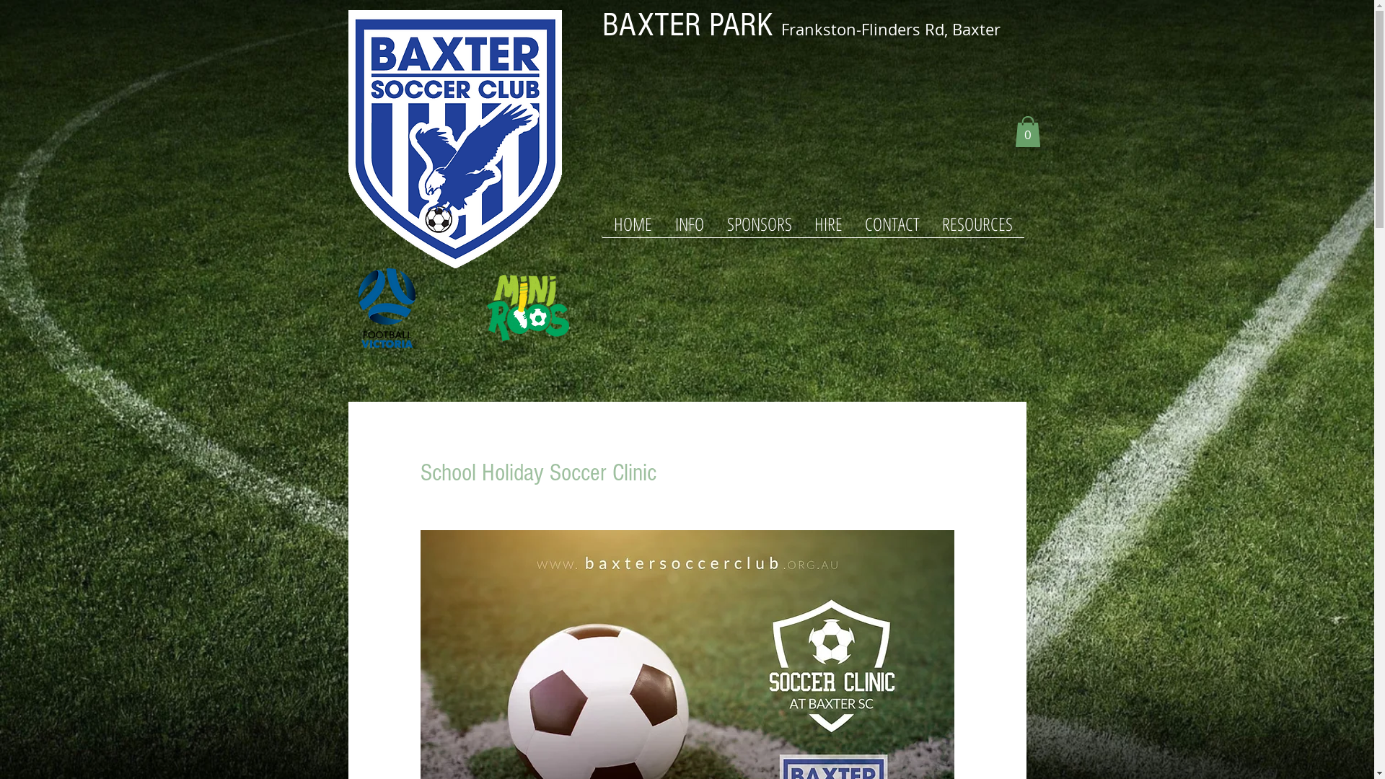  Describe the element at coordinates (1014, 131) in the screenshot. I see `'0'` at that location.